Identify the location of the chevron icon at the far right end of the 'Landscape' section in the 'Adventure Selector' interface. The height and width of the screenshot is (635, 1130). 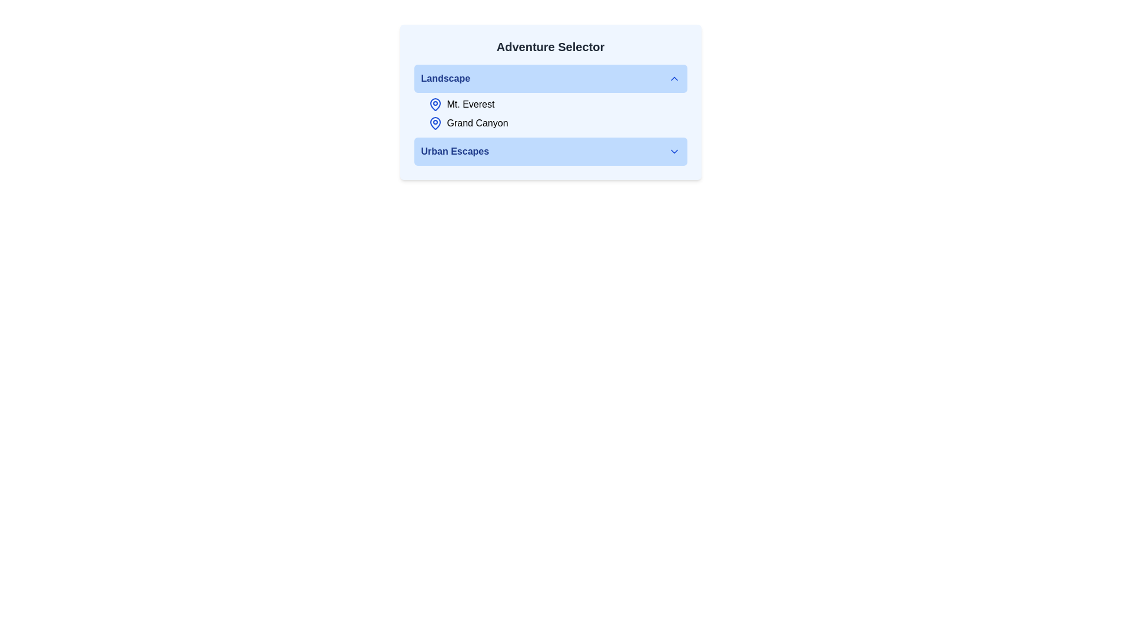
(674, 79).